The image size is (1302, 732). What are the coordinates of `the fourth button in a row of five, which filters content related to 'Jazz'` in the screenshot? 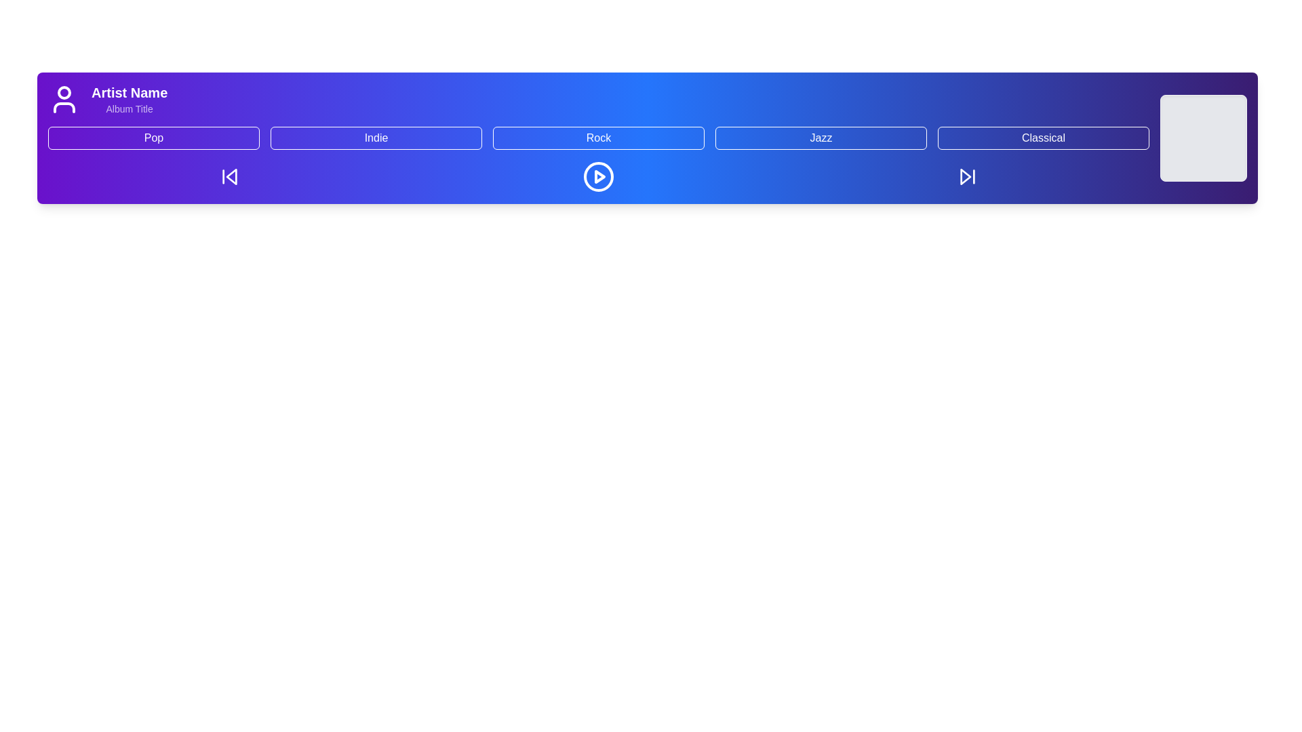 It's located at (820, 138).